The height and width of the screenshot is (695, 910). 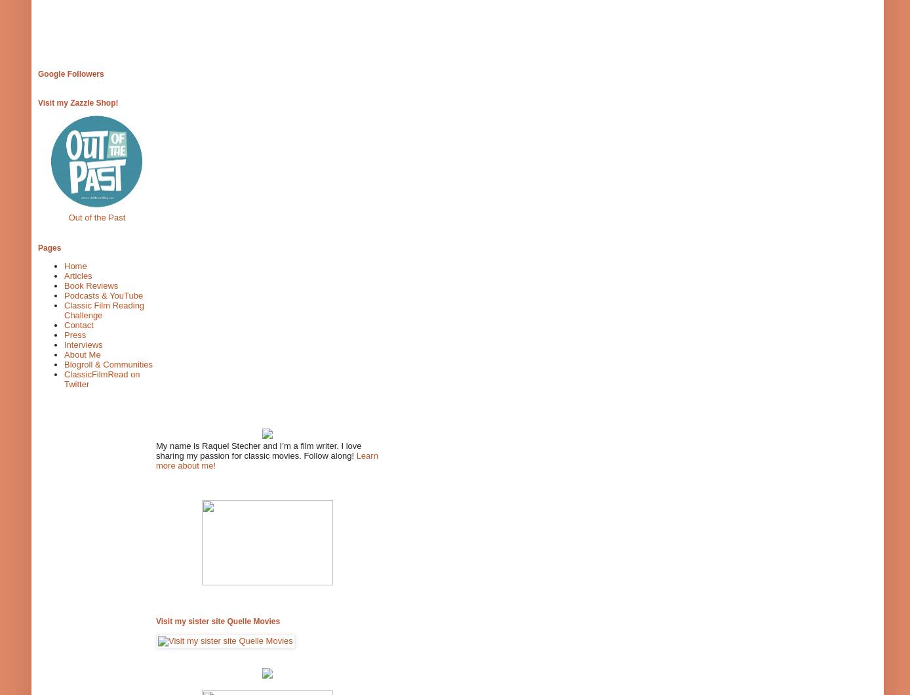 I want to click on 'Contact', so click(x=79, y=325).